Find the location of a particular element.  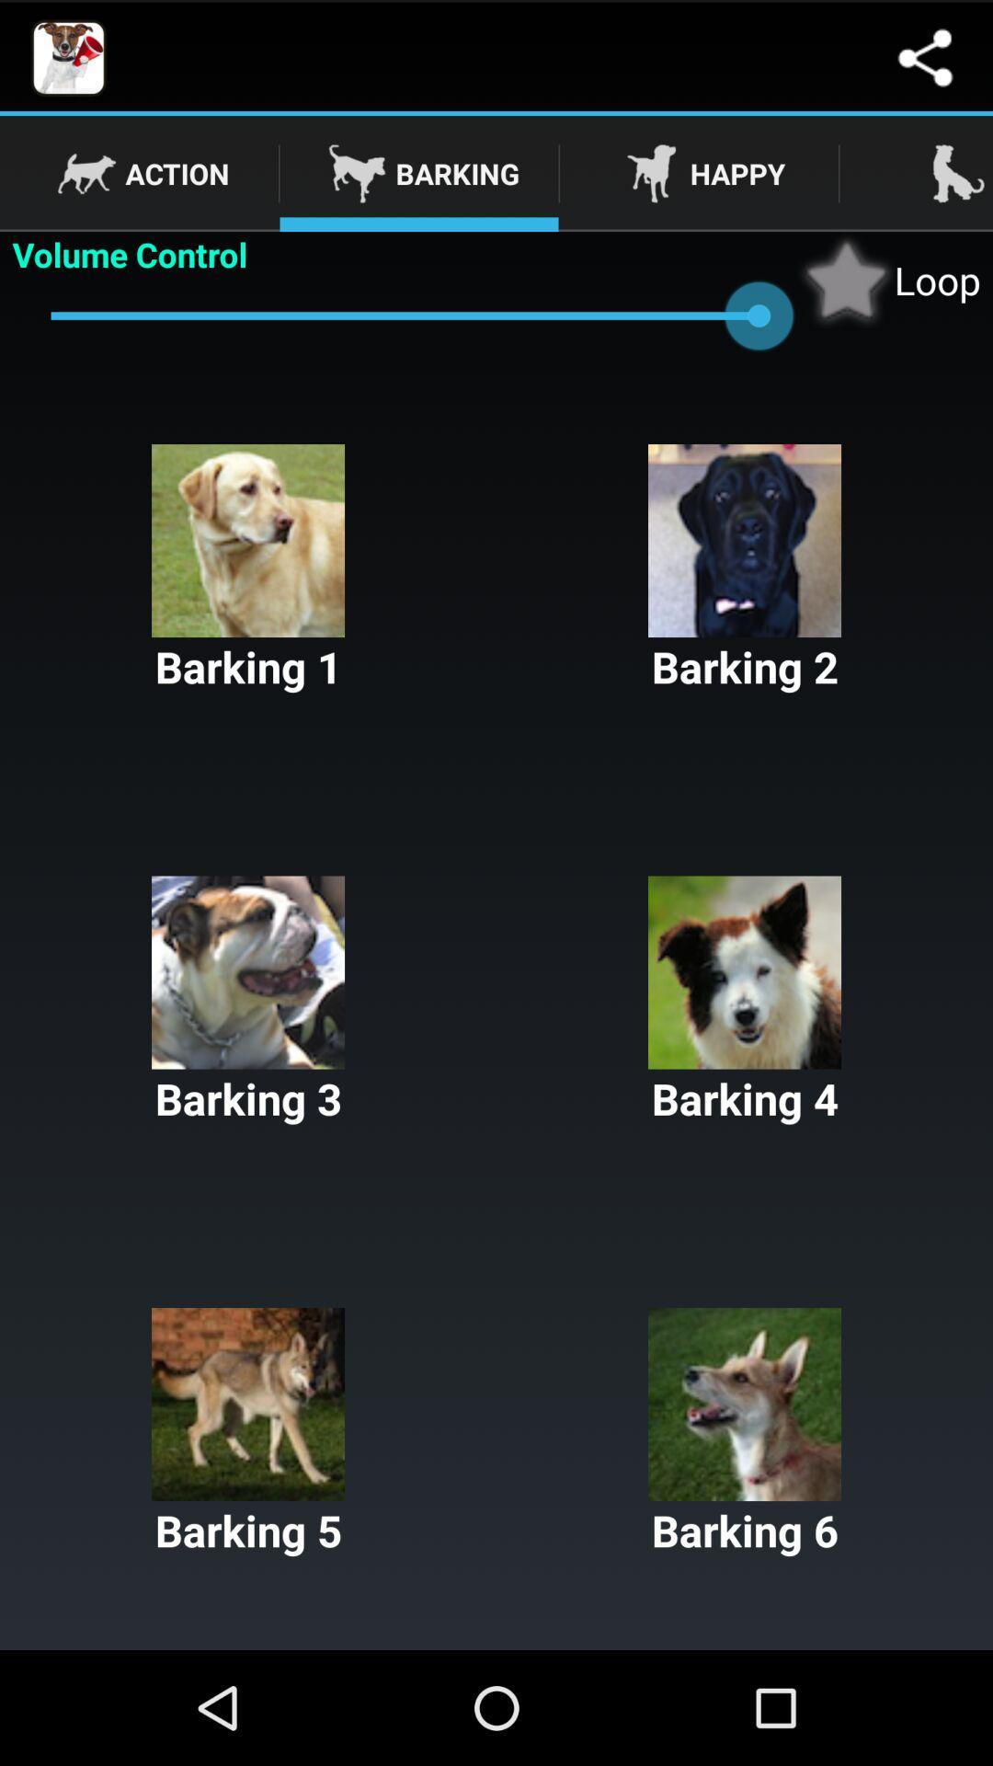

item on the left is located at coordinates (248, 1001).